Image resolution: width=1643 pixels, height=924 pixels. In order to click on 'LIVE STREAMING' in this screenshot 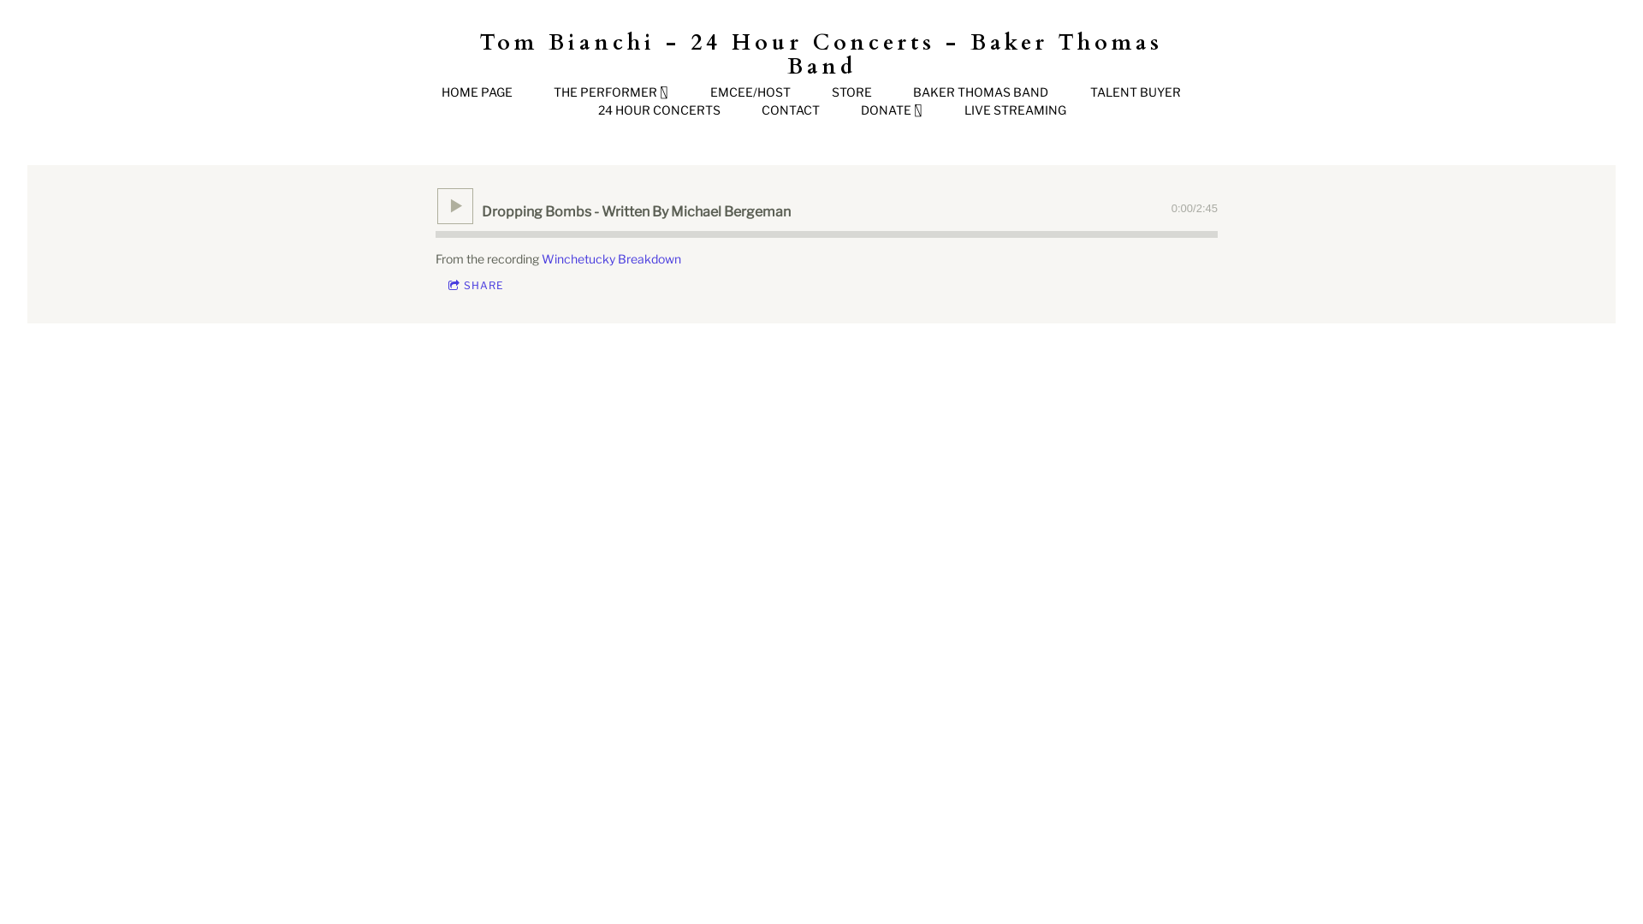, I will do `click(1015, 110)`.